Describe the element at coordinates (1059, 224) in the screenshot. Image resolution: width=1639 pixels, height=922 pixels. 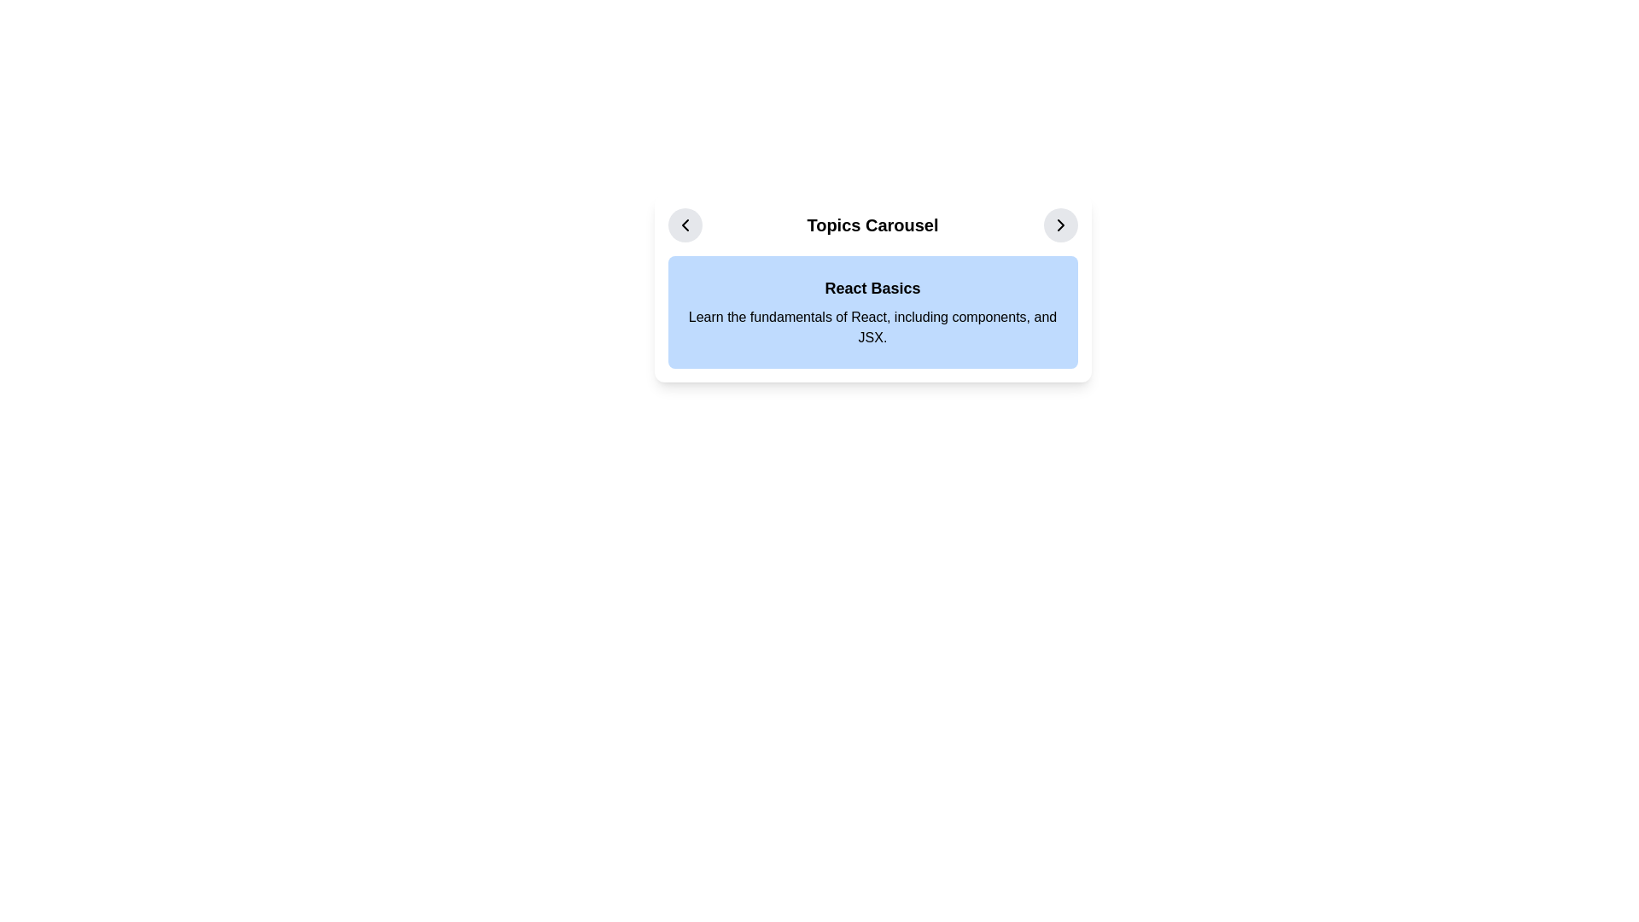
I see `the circular button with a light gray background and a black chevron icon located in the 'Topics Carousel' section adjacent to the title 'Topics Carousel'` at that location.